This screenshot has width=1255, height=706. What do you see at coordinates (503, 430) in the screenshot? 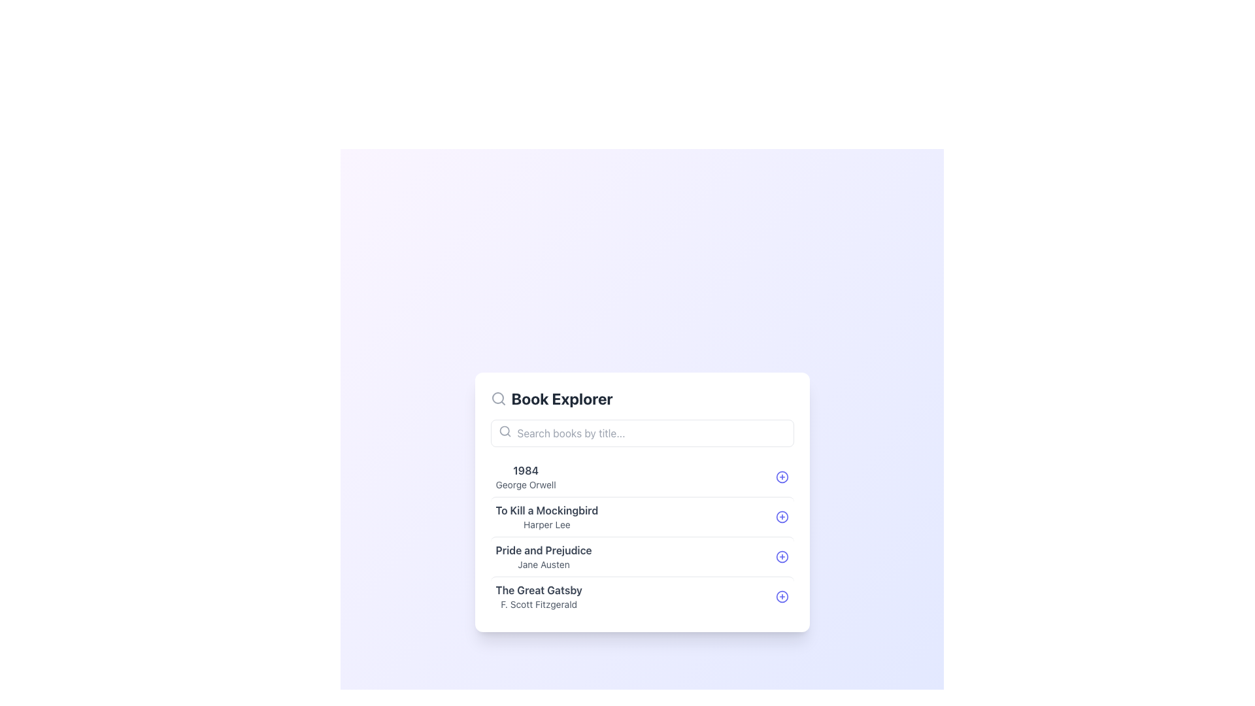
I see `the circular icon component of the search icon, which visually represents the lens frame of a magnifying glass located to the left of the search input field beneath the 'Book Explorer' heading` at bounding box center [503, 430].